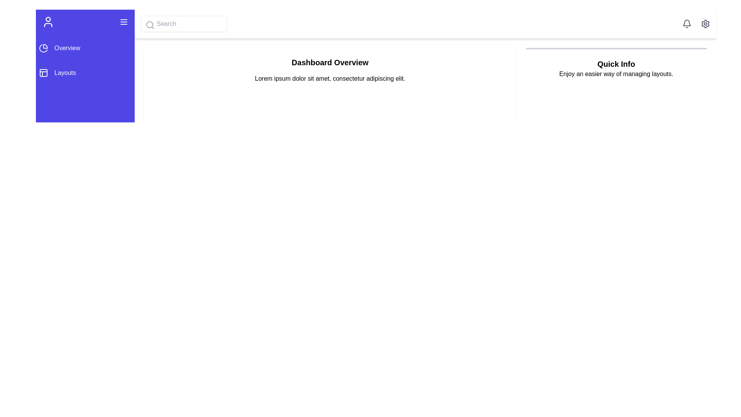 This screenshot has width=741, height=417. What do you see at coordinates (43, 48) in the screenshot?
I see `the pie chart icon located in the left sidebar near the top, which is styled with a white stroke against a purple background and grouped with the label 'Overview'` at bounding box center [43, 48].